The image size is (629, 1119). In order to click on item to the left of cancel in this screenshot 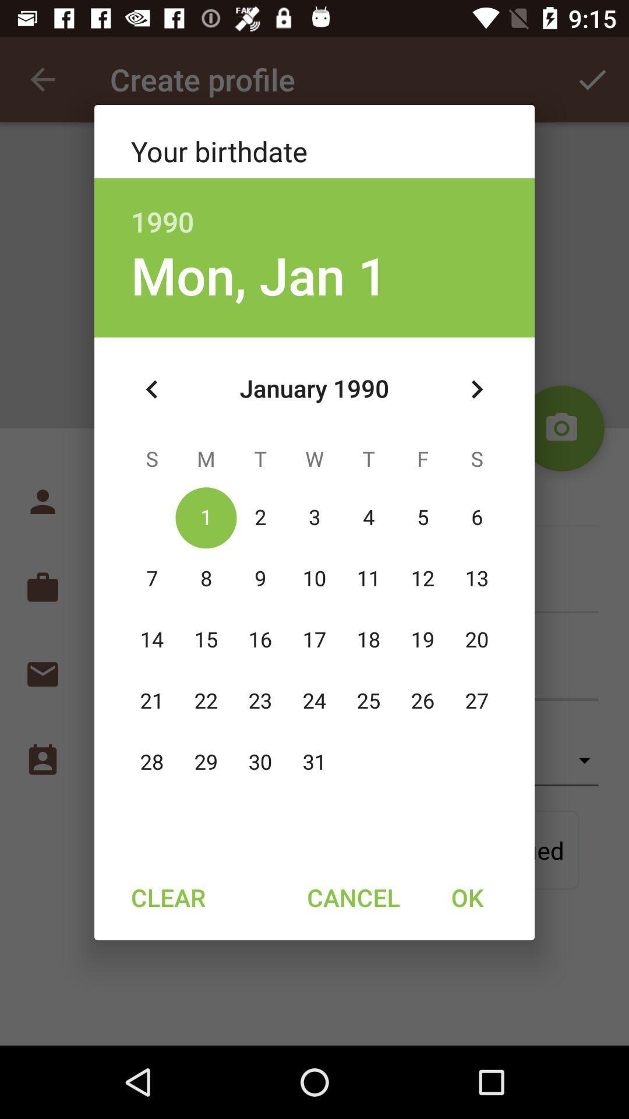, I will do `click(168, 896)`.